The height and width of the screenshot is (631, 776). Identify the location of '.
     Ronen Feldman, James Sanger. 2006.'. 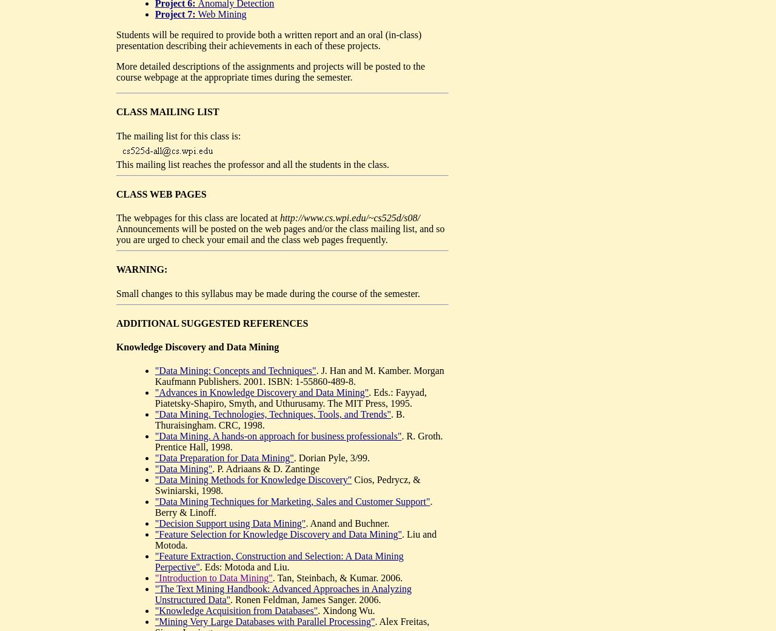
(305, 599).